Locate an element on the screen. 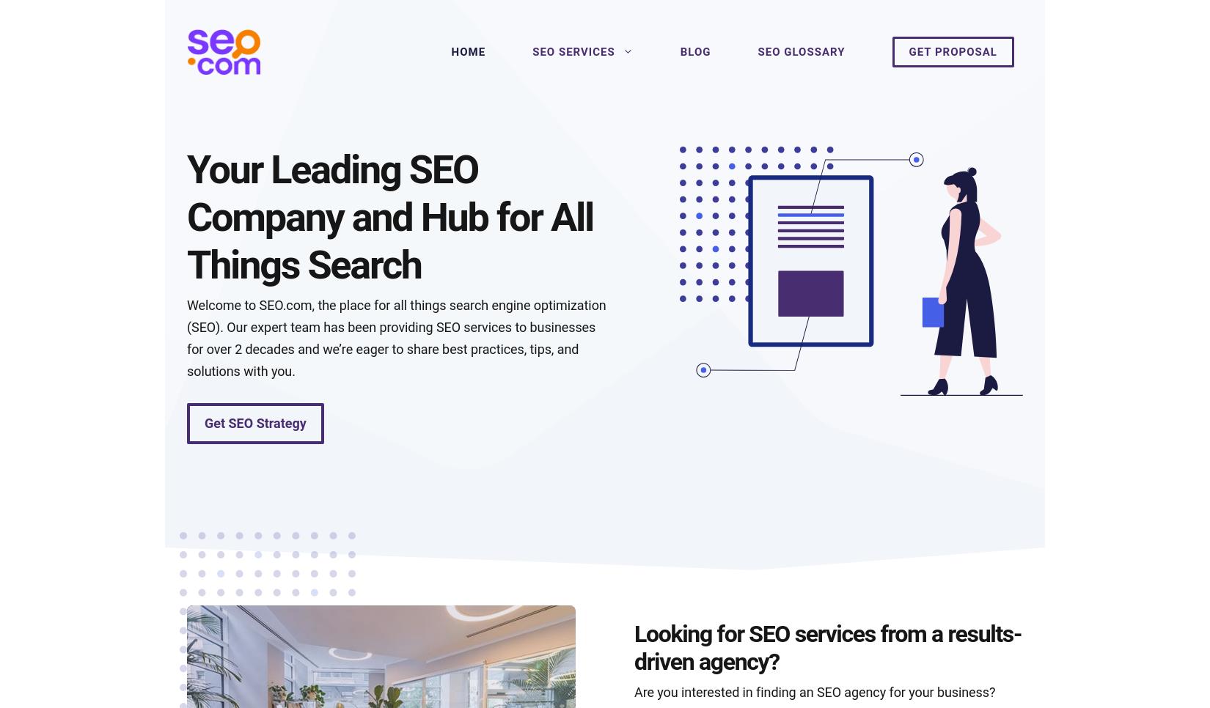 The image size is (1210, 708). 'What is an SEO agency?' is located at coordinates (283, 555).